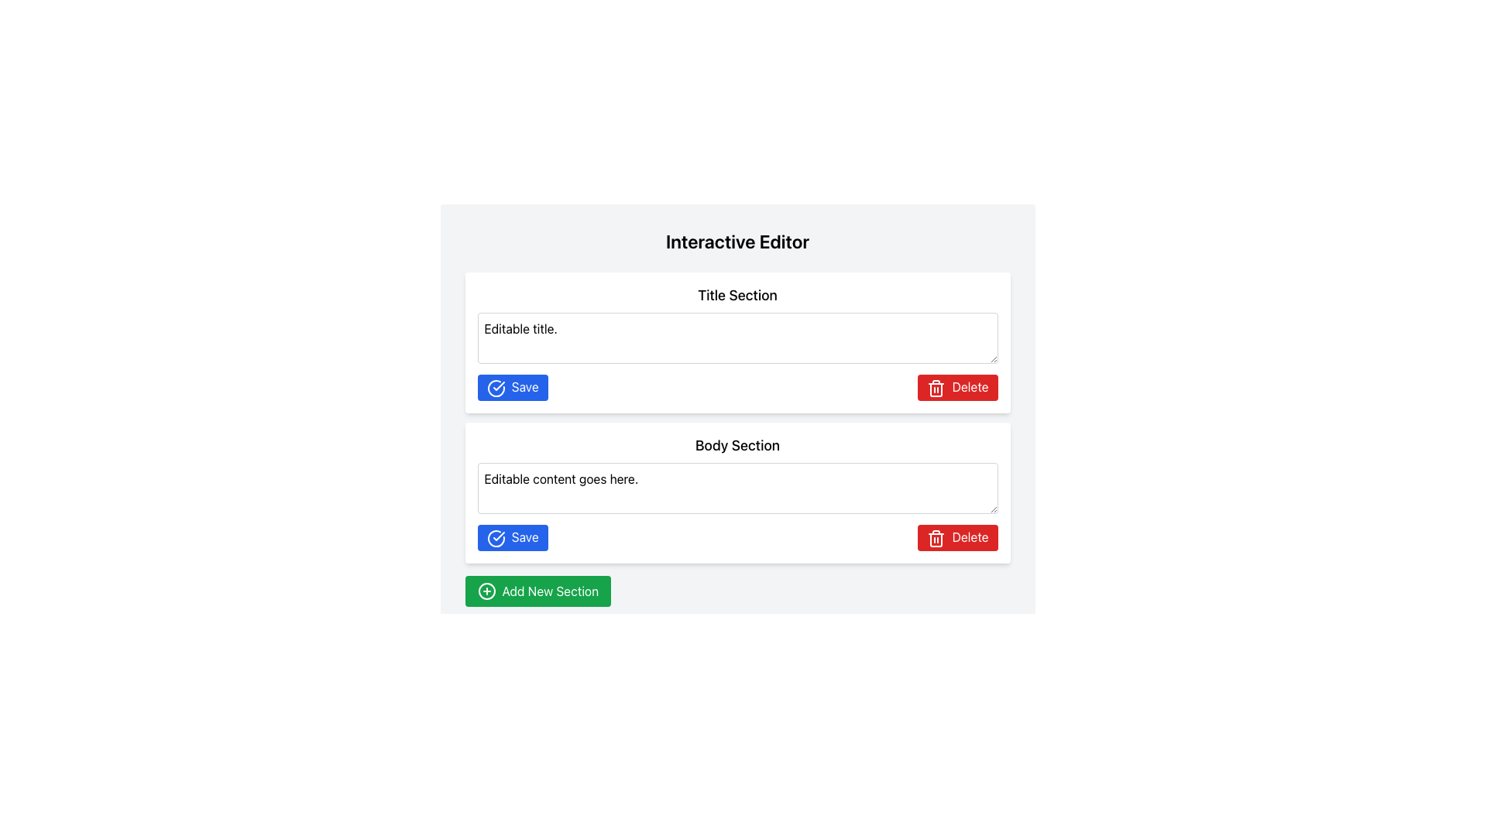 The image size is (1487, 836). Describe the element at coordinates (486, 591) in the screenshot. I see `the circular graphical element that is part of the 'Add New Section' button, which has a green background and is located near the bottom left of the interface` at that location.